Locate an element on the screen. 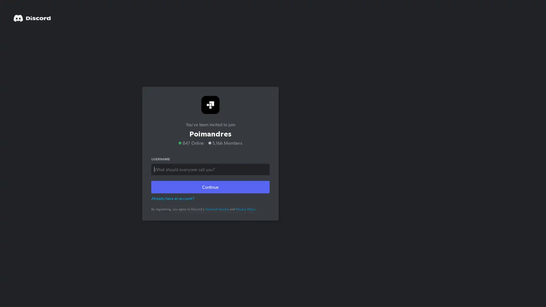  Continue is located at coordinates (210, 186).